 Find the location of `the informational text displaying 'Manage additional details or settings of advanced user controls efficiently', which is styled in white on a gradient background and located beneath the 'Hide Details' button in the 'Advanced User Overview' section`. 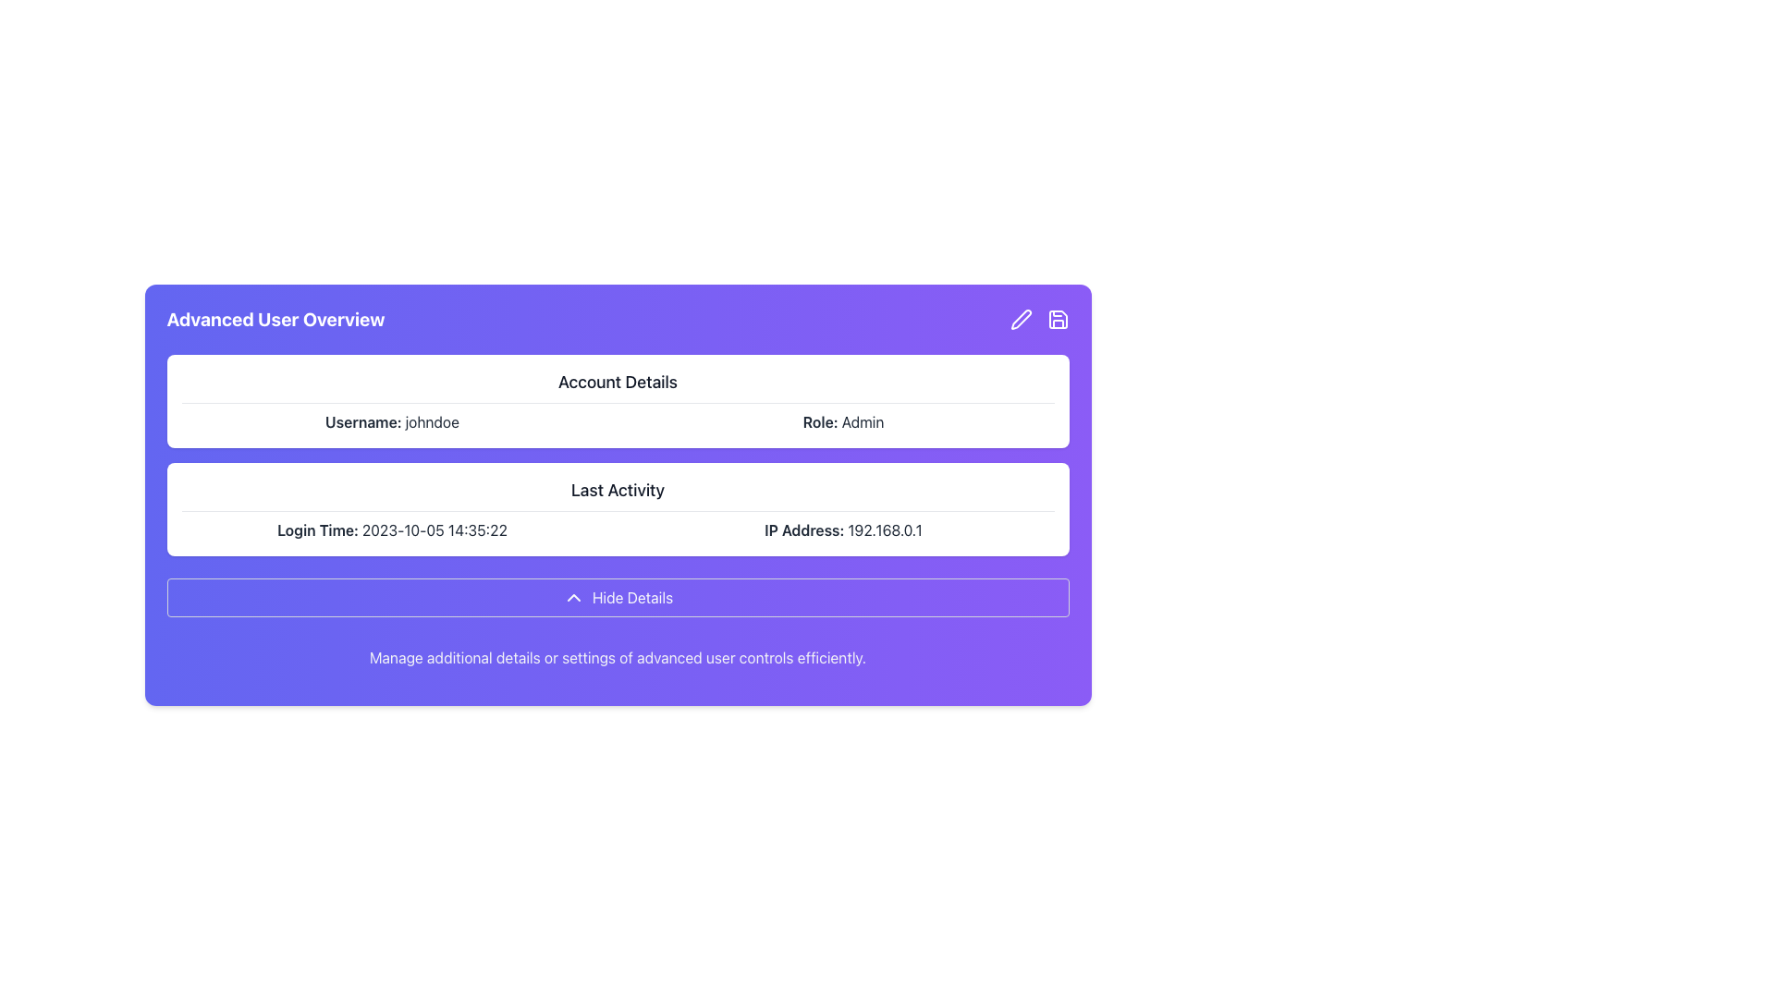

the informational text displaying 'Manage additional details or settings of advanced user controls efficiently', which is styled in white on a gradient background and located beneath the 'Hide Details' button in the 'Advanced User Overview' section is located at coordinates (618, 657).